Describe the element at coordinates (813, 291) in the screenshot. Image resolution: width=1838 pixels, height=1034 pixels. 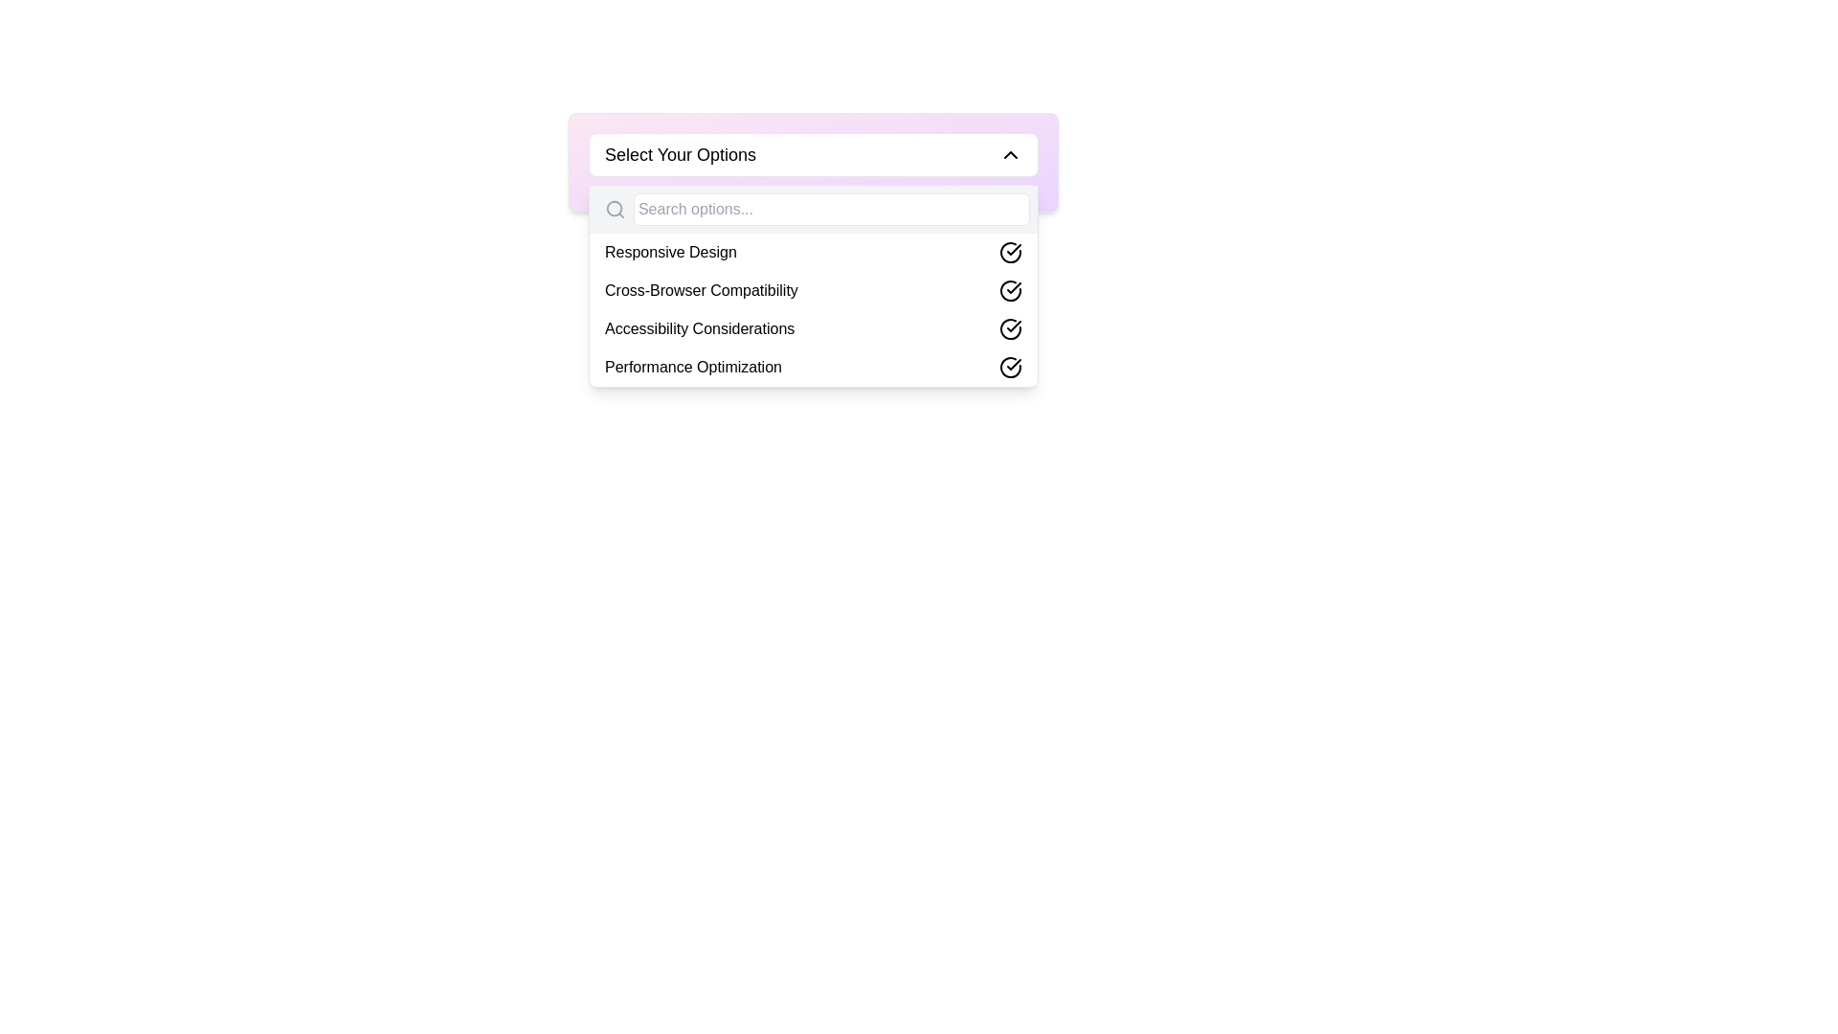
I see `the second option in the dropdown menu, which is located below 'Responsive Design' and above 'Accessibility Considerations'` at that location.